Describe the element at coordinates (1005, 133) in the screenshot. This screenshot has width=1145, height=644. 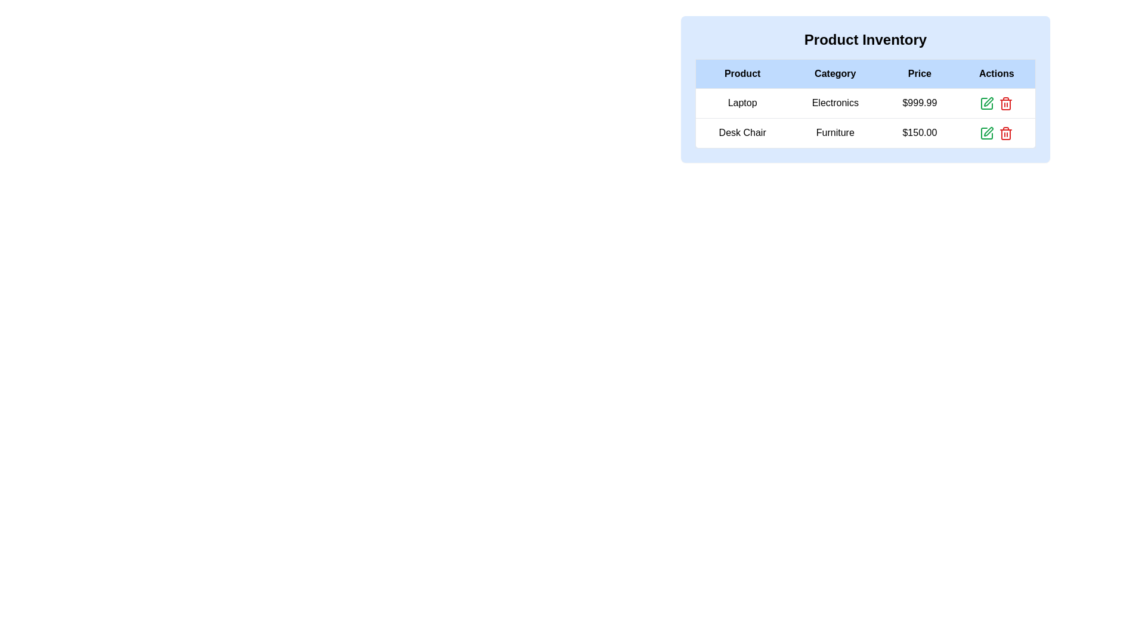
I see `the delete button icon` at that location.